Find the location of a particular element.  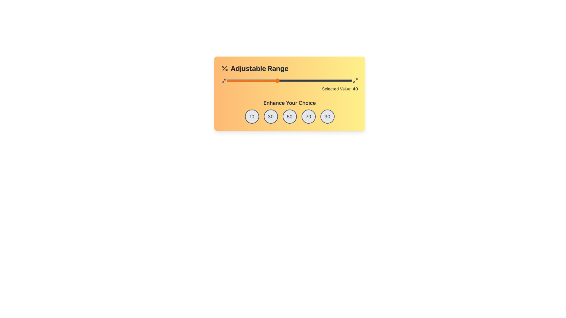

the visually styled percent icon located at the top-left corner of the header bar, immediately to the left of the text 'Adjustable Range' is located at coordinates (224, 68).